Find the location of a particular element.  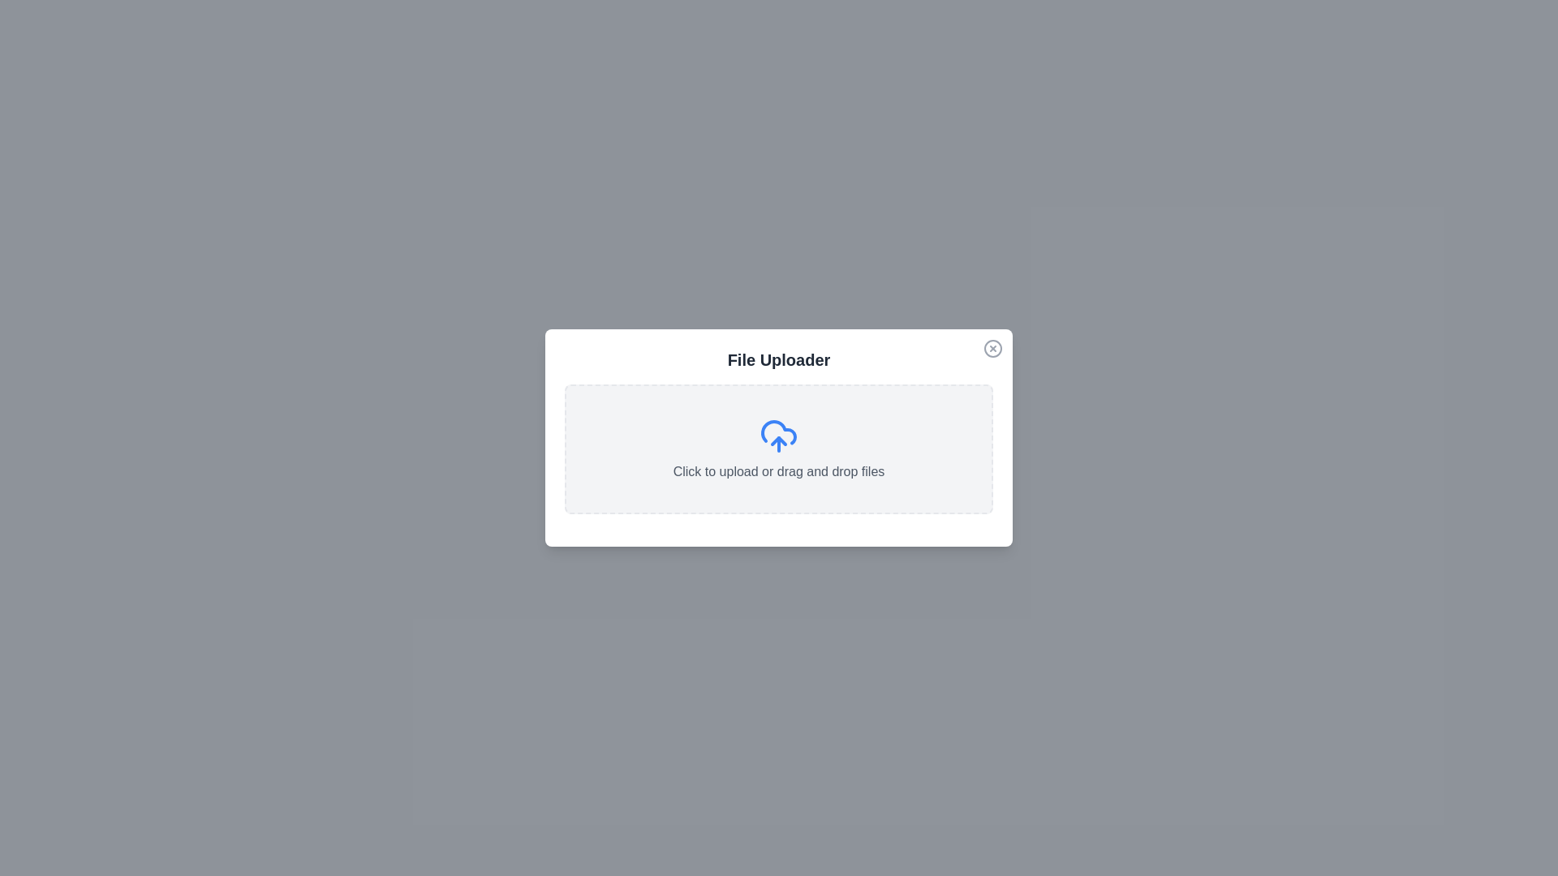

the file upload area to trigger the file selection dialog is located at coordinates (779, 449).